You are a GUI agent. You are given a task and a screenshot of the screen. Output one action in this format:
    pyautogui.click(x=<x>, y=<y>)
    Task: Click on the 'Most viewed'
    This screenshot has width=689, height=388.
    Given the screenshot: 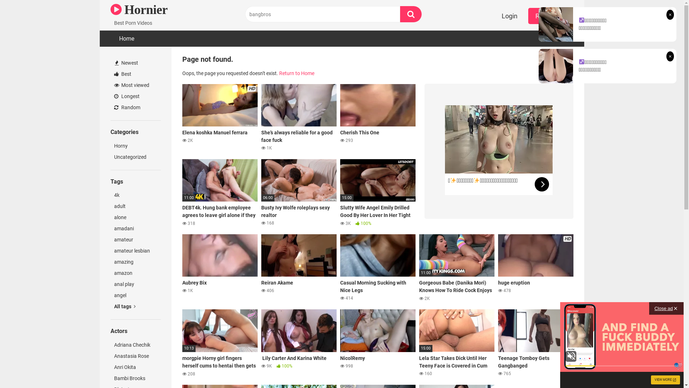 What is the action you would take?
    pyautogui.click(x=136, y=85)
    